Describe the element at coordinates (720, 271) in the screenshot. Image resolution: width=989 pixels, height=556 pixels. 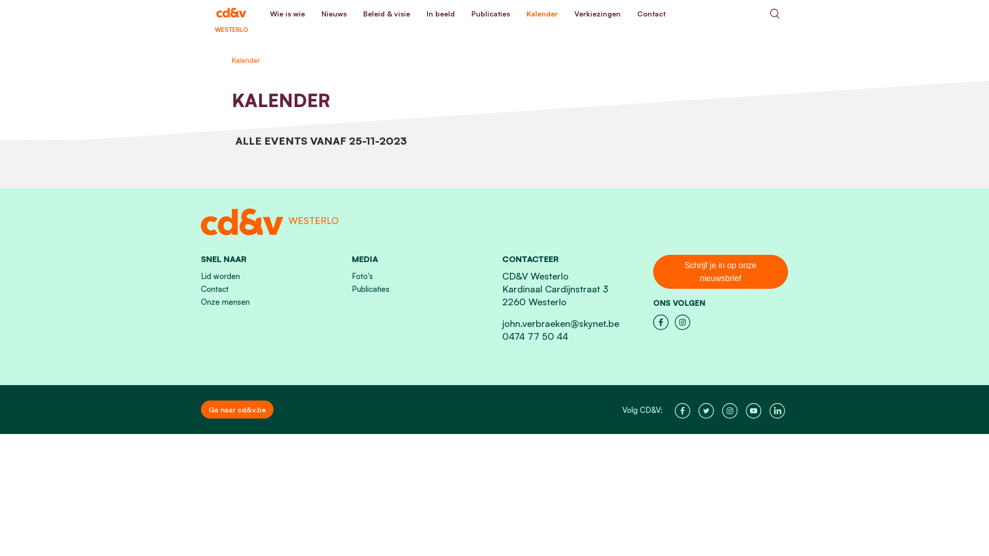
I see `'Schrijf je in op onze nieuwsbrief'` at that location.